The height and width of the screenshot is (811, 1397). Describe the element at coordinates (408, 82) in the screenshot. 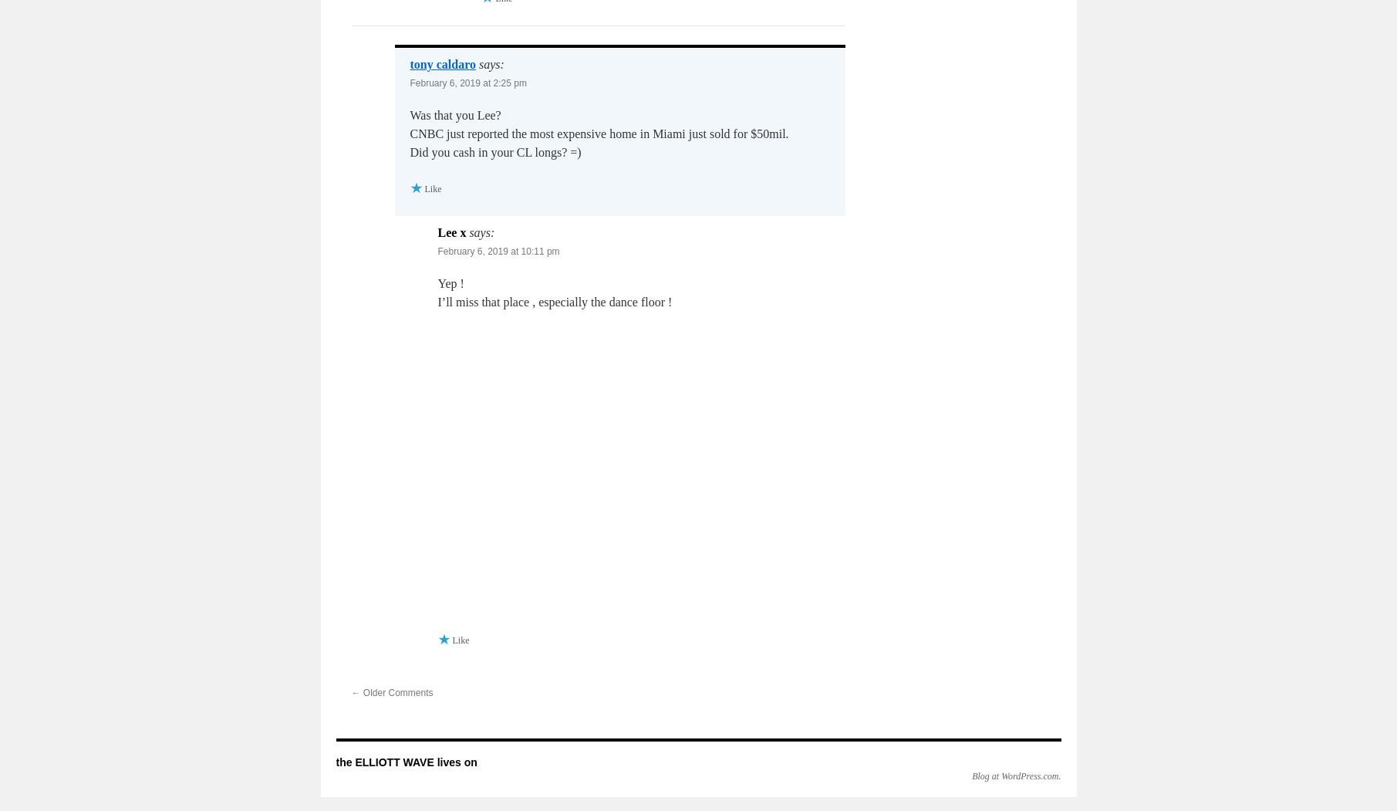

I see `'February 6, 2019 at 2:25 pm'` at that location.